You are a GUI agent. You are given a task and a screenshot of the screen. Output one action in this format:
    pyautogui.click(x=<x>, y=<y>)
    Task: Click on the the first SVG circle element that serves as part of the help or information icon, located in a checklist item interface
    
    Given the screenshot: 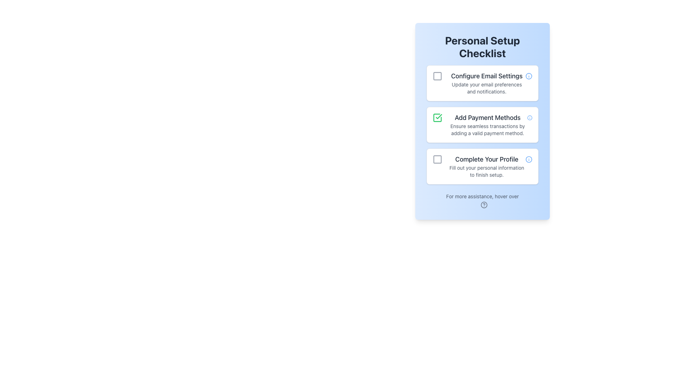 What is the action you would take?
    pyautogui.click(x=483, y=205)
    